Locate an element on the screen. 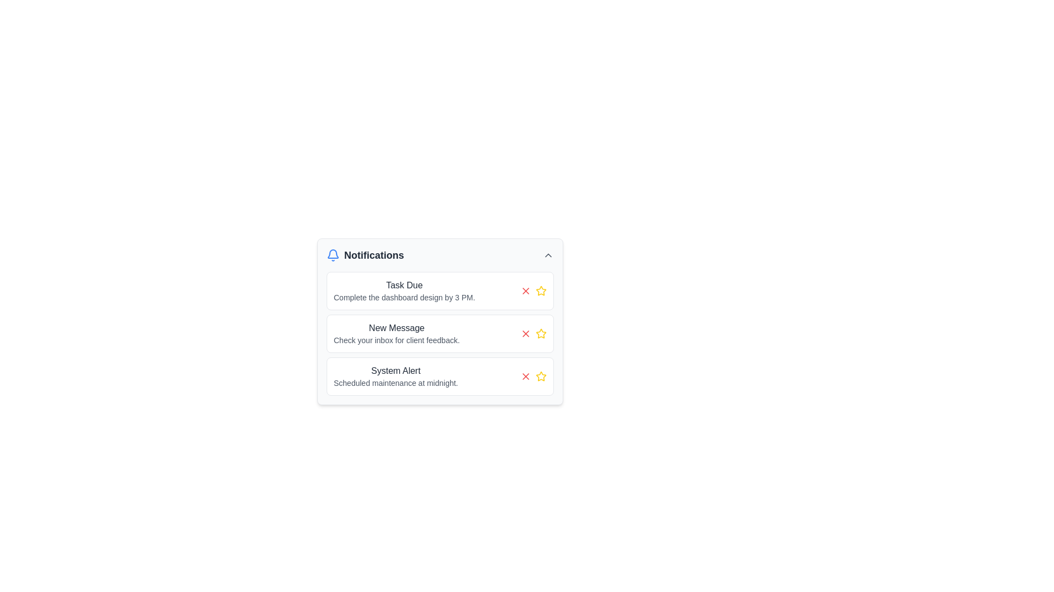  text element displaying 'Complete the dashboard design by 3 PM.' located below the 'Task Due' heading in the notifications panel is located at coordinates (403, 298).